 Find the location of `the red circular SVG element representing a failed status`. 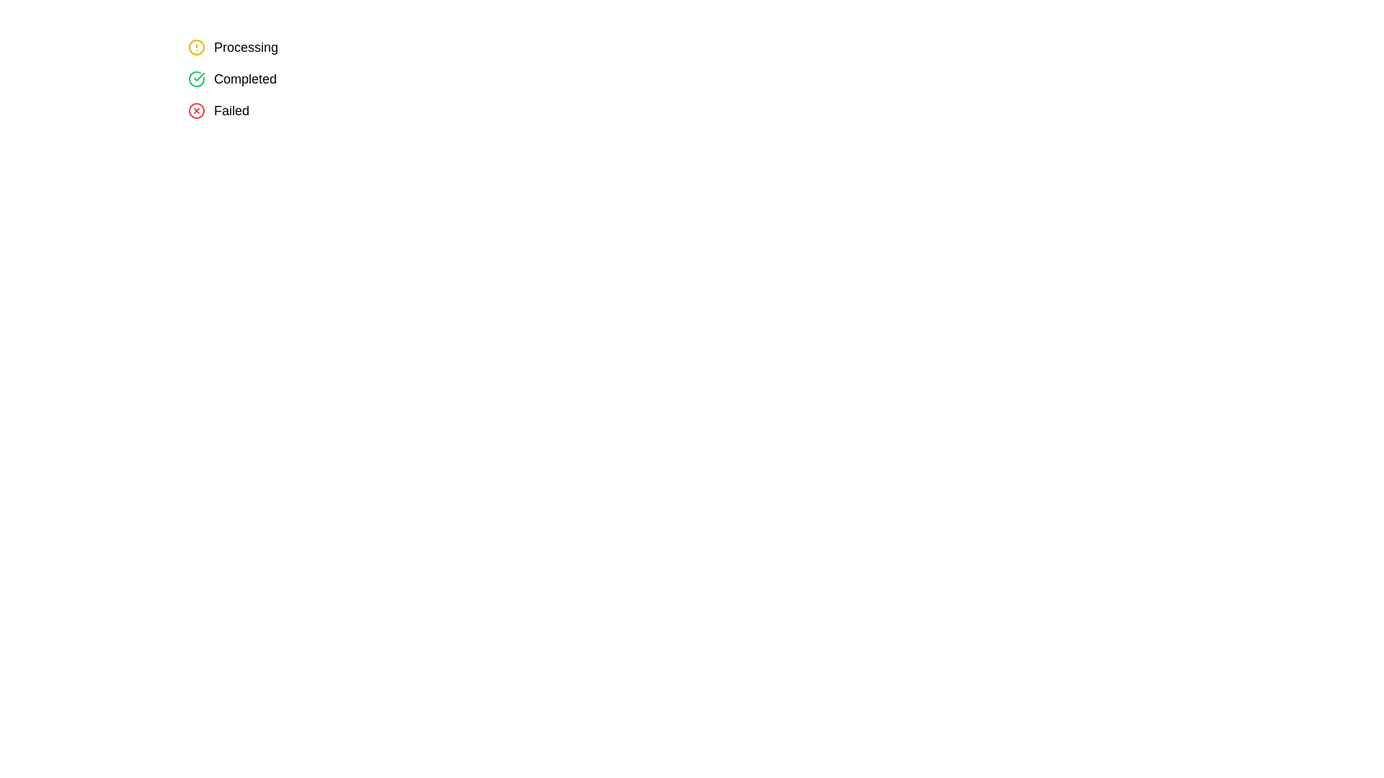

the red circular SVG element representing a failed status is located at coordinates (196, 110).